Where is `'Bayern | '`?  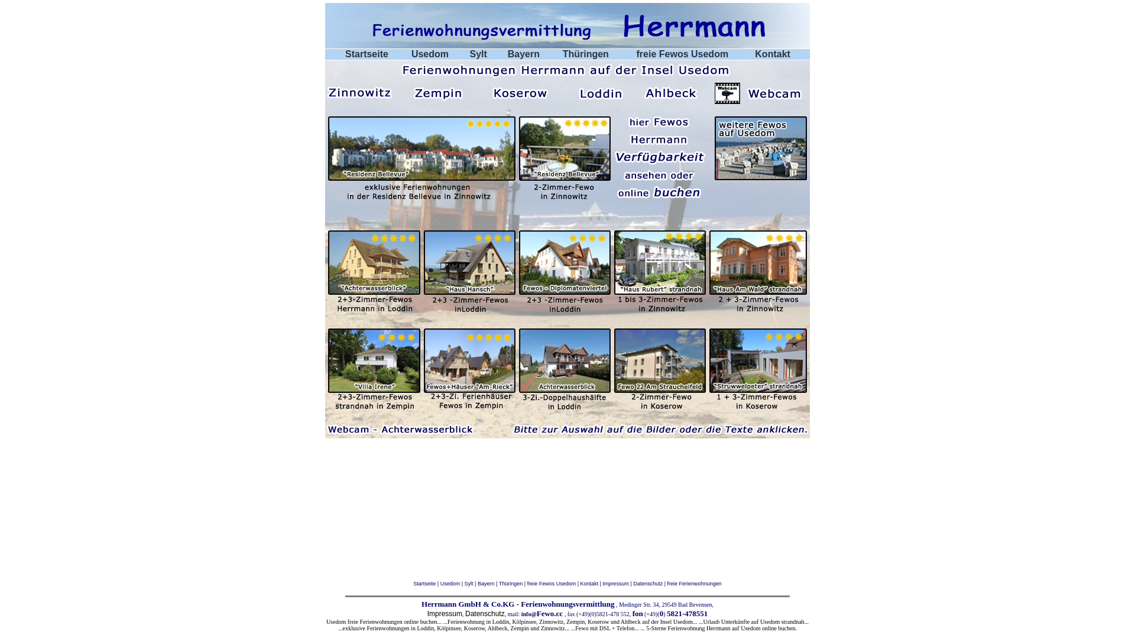 'Bayern | ' is located at coordinates (477, 582).